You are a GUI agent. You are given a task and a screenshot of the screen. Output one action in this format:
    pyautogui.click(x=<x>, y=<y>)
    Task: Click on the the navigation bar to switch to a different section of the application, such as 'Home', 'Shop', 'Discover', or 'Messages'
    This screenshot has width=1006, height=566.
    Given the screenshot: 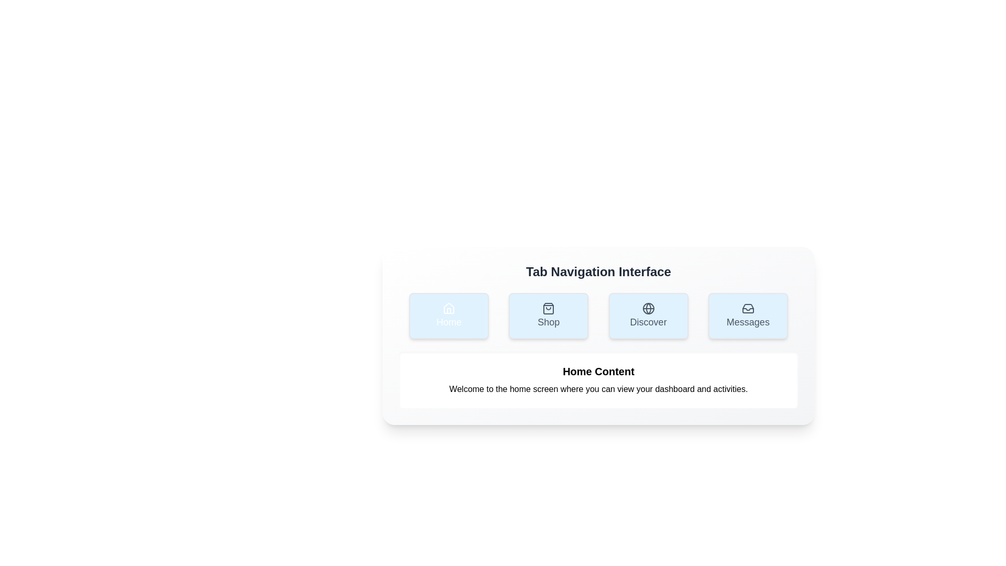 What is the action you would take?
    pyautogui.click(x=598, y=315)
    